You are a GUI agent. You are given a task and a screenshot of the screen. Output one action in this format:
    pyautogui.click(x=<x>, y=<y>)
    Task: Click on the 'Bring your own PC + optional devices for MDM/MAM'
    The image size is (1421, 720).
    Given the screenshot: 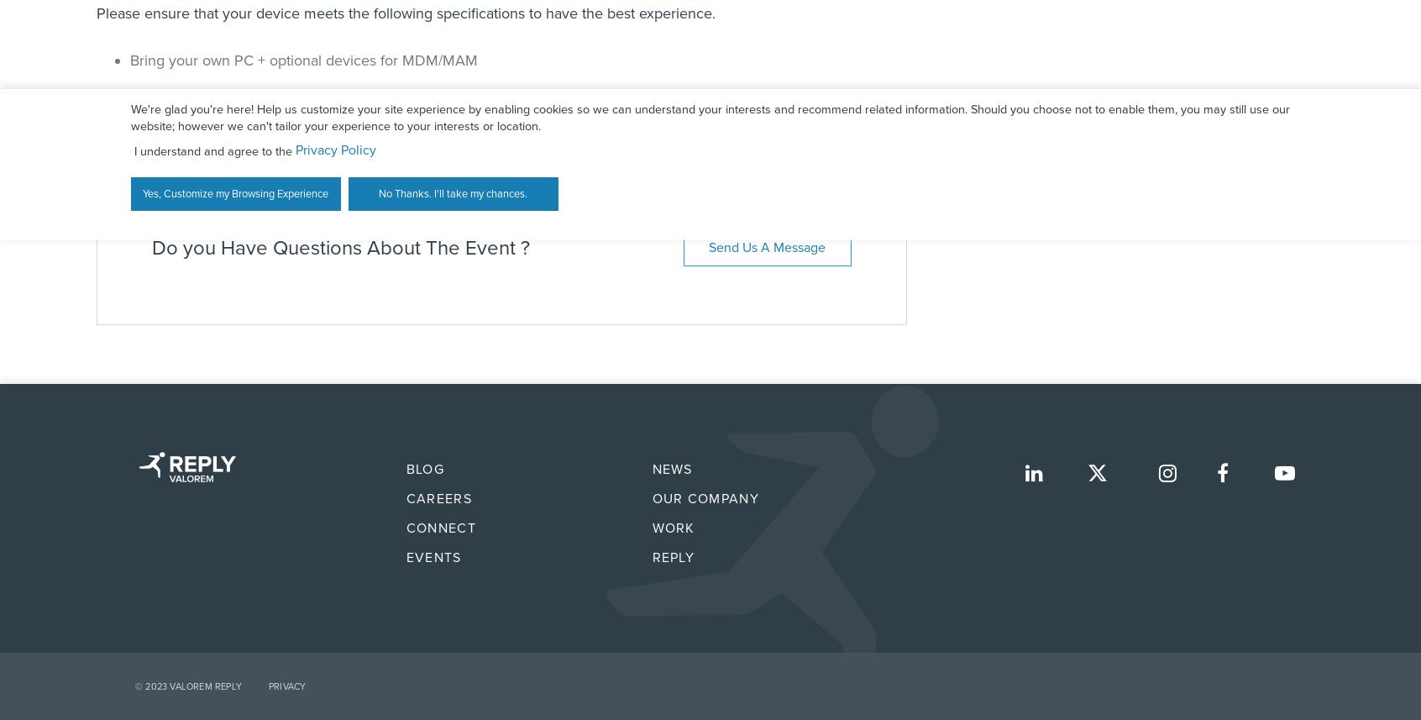 What is the action you would take?
    pyautogui.click(x=303, y=58)
    